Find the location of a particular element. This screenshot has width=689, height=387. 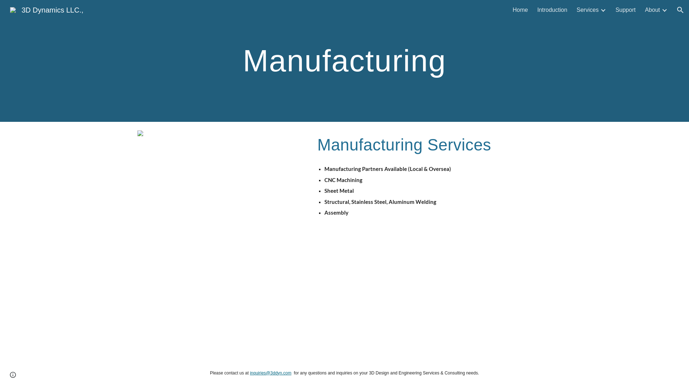

'Expand/Collapse' is located at coordinates (603, 10).